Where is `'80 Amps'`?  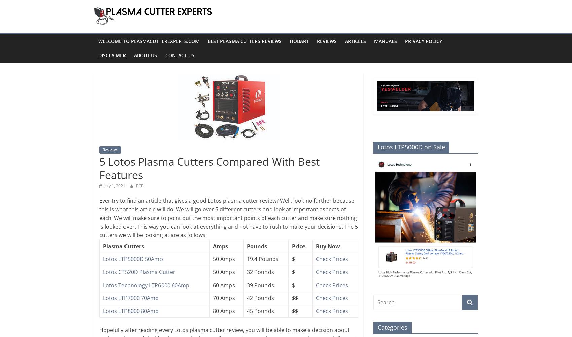
'80 Amps' is located at coordinates (212, 310).